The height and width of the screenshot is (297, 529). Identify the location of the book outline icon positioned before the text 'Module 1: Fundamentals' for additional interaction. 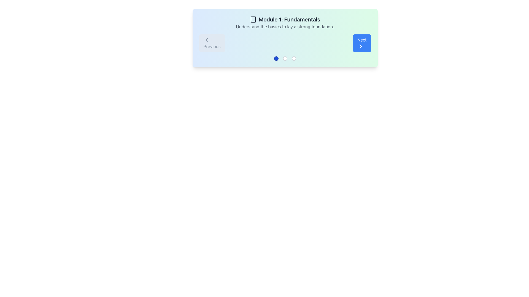
(253, 19).